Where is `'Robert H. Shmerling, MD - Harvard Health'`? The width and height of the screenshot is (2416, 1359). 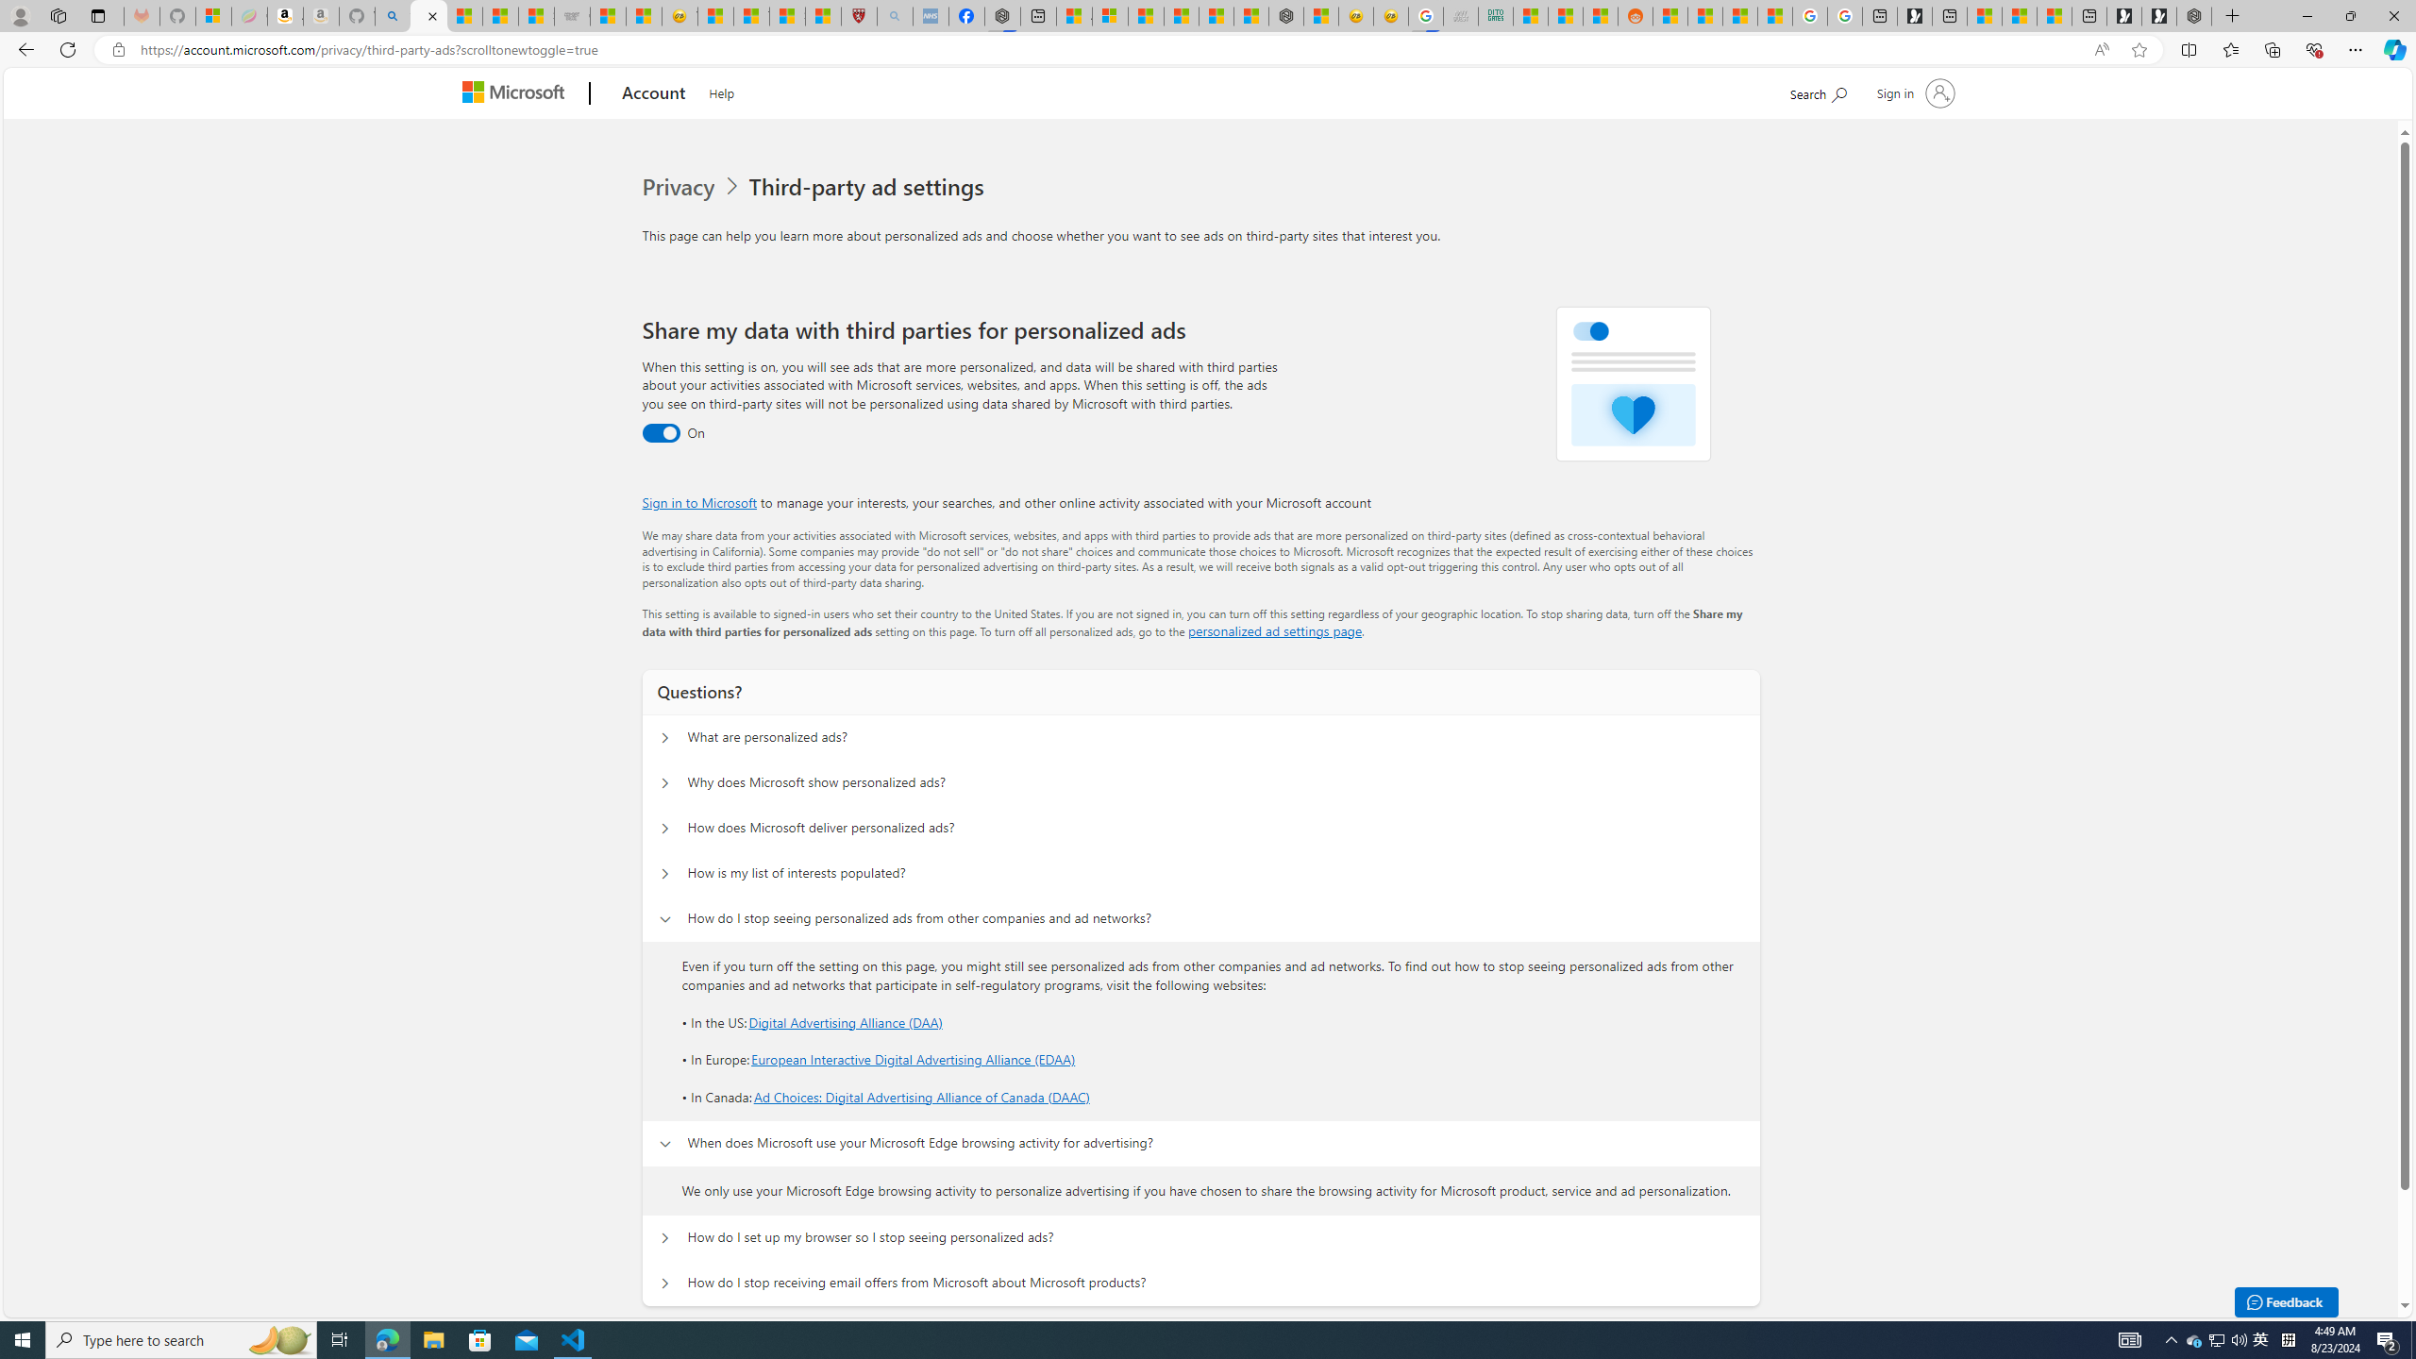 'Robert H. Shmerling, MD - Harvard Health' is located at coordinates (858, 15).